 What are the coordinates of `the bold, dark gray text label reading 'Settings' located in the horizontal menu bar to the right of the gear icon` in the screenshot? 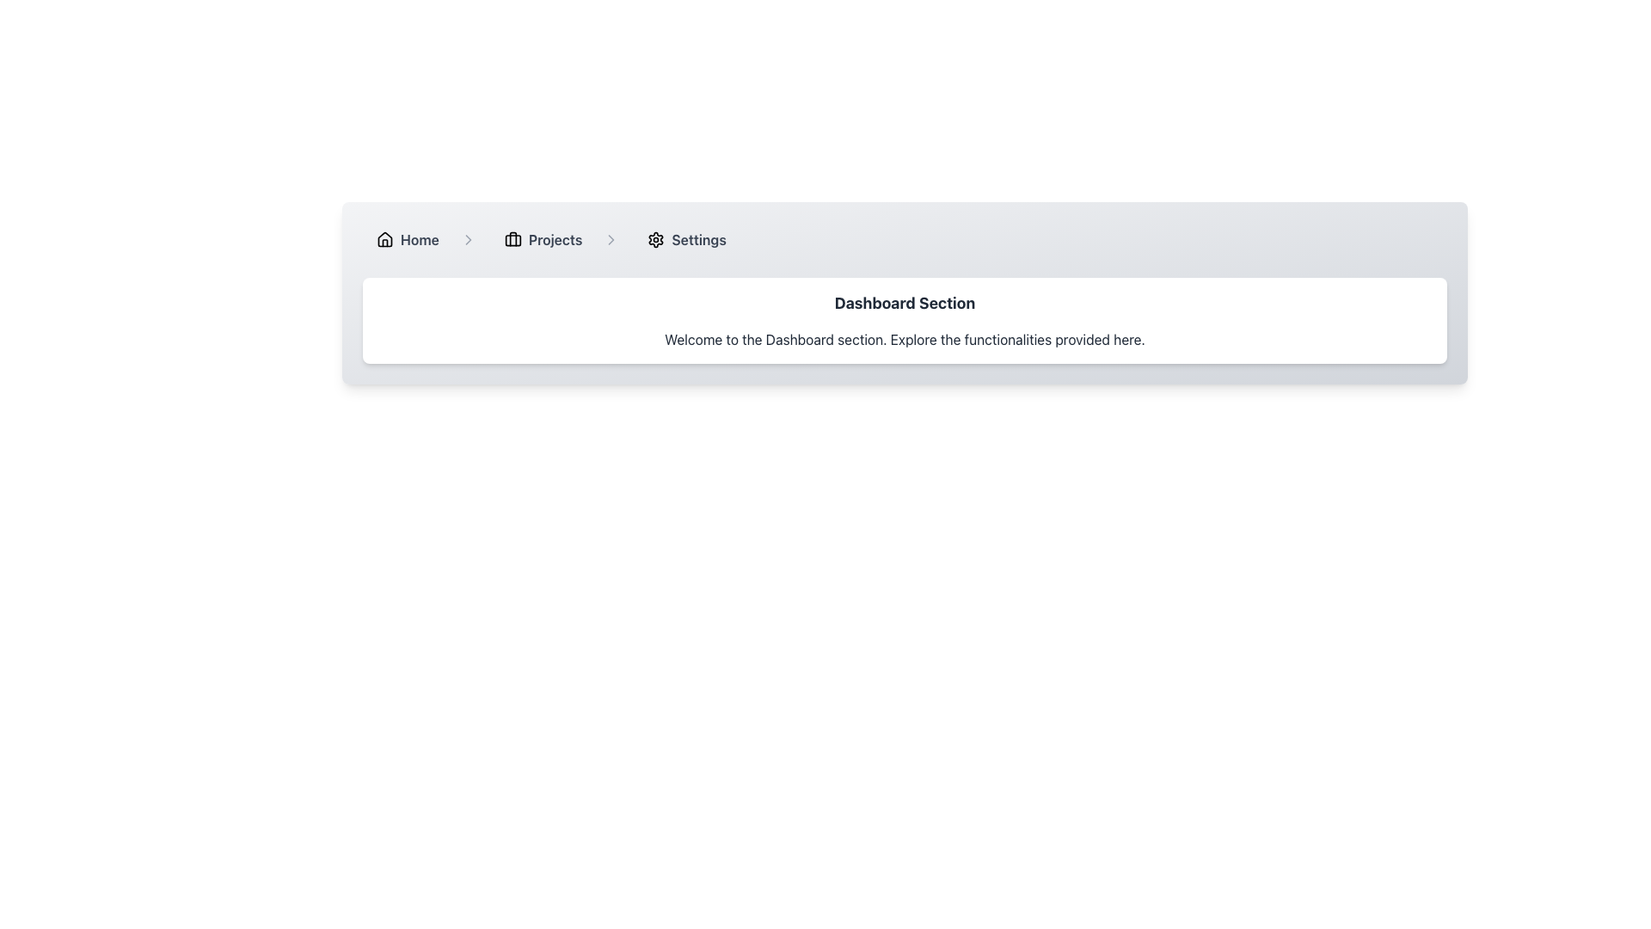 It's located at (699, 239).